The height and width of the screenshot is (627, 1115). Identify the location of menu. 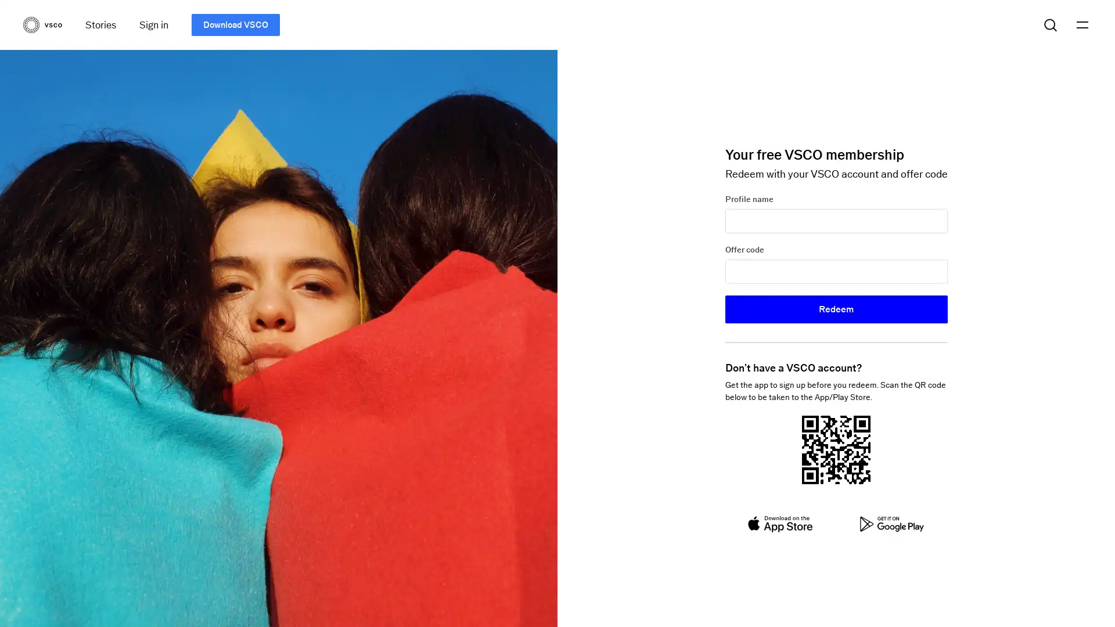
(1081, 24).